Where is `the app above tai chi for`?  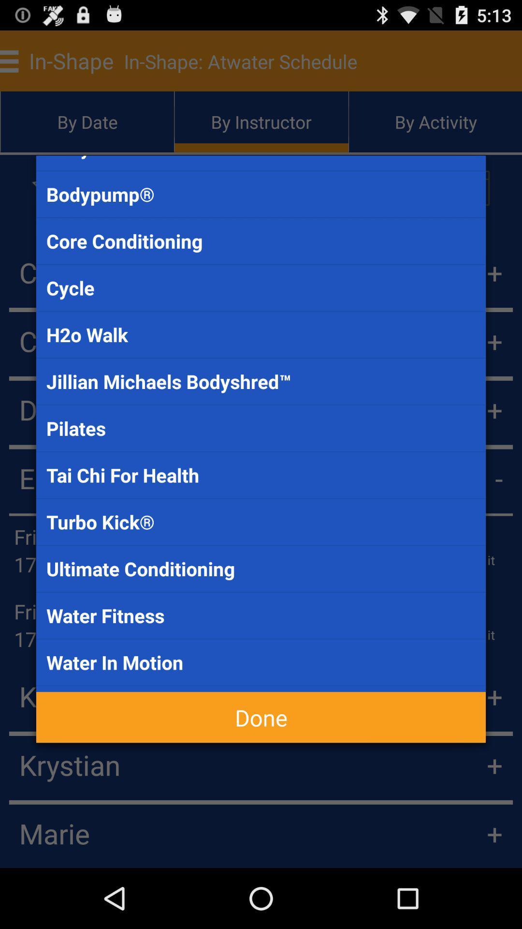
the app above tai chi for is located at coordinates (261, 428).